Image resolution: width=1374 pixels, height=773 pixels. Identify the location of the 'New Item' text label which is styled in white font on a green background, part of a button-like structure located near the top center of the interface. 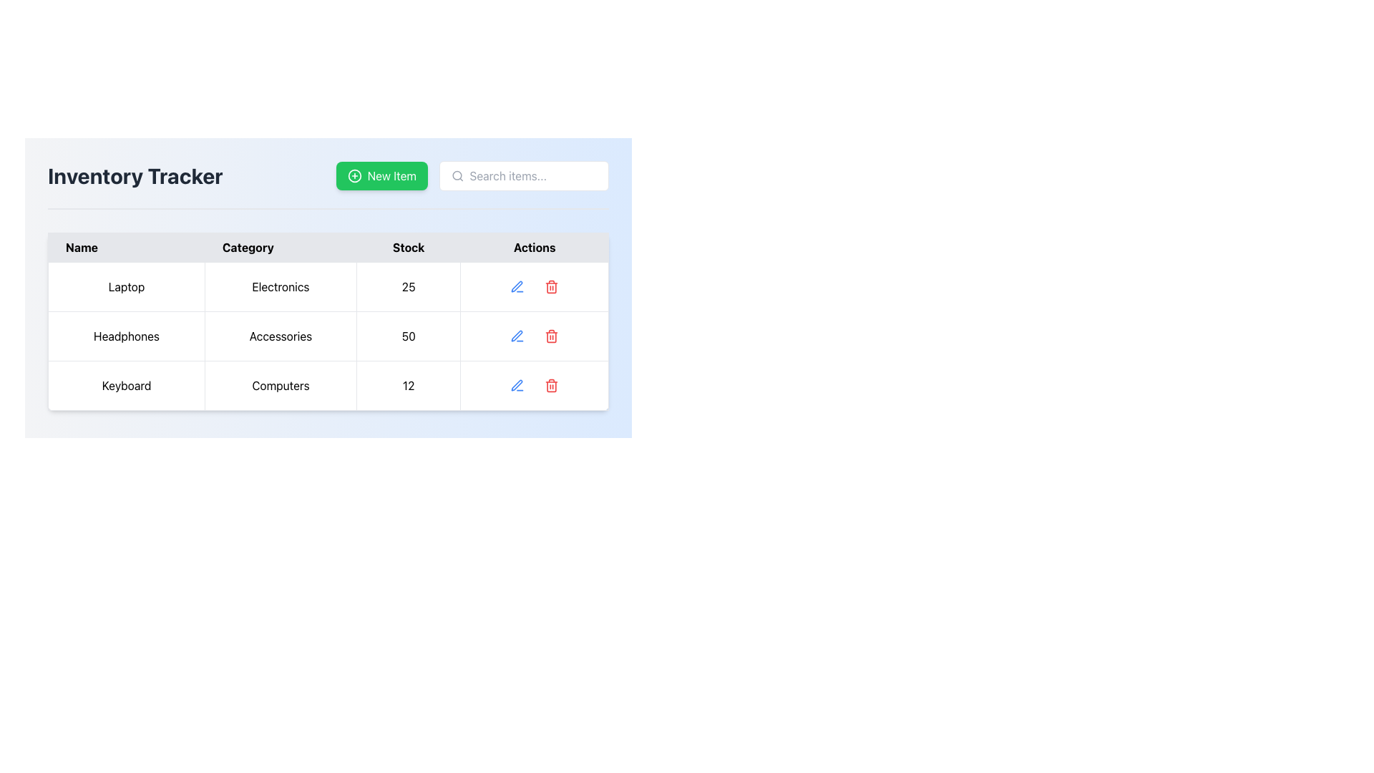
(391, 175).